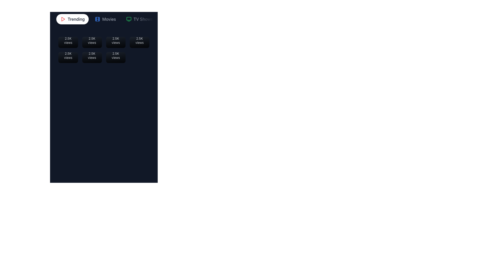  I want to click on the static label displaying 'Movies' in the navigation menu, located between the 'Trending' icon and the 'TV Shows' menu item, so click(109, 19).